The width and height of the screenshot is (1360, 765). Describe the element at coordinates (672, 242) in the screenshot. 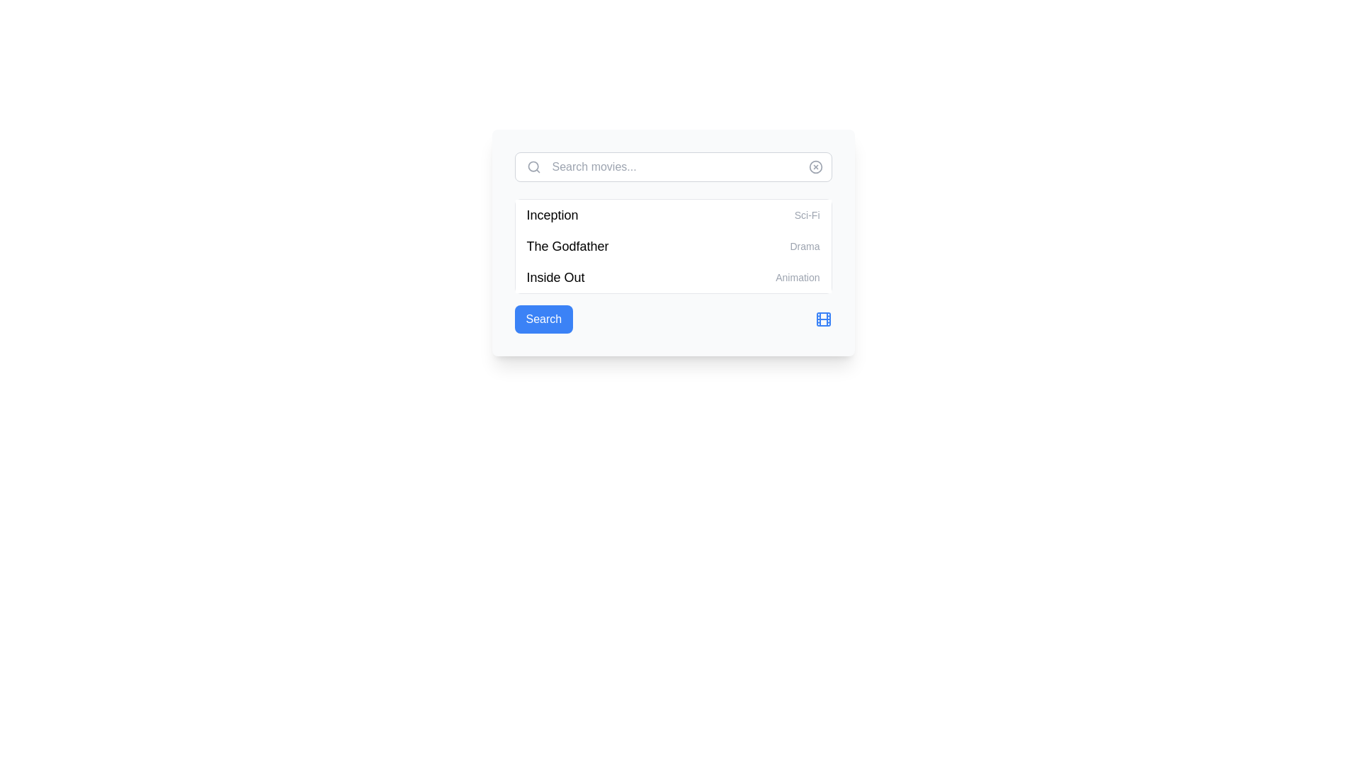

I see `the second movie entry in the suggested list` at that location.